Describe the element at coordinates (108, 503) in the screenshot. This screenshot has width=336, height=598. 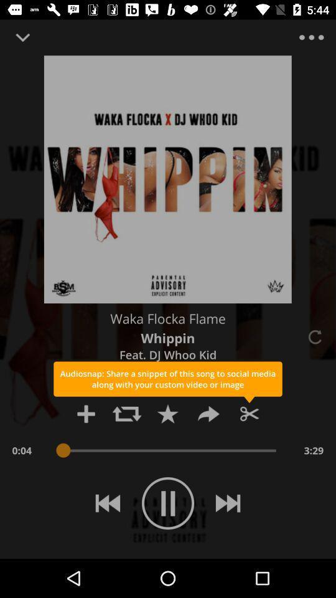
I see `the av_rewind icon` at that location.